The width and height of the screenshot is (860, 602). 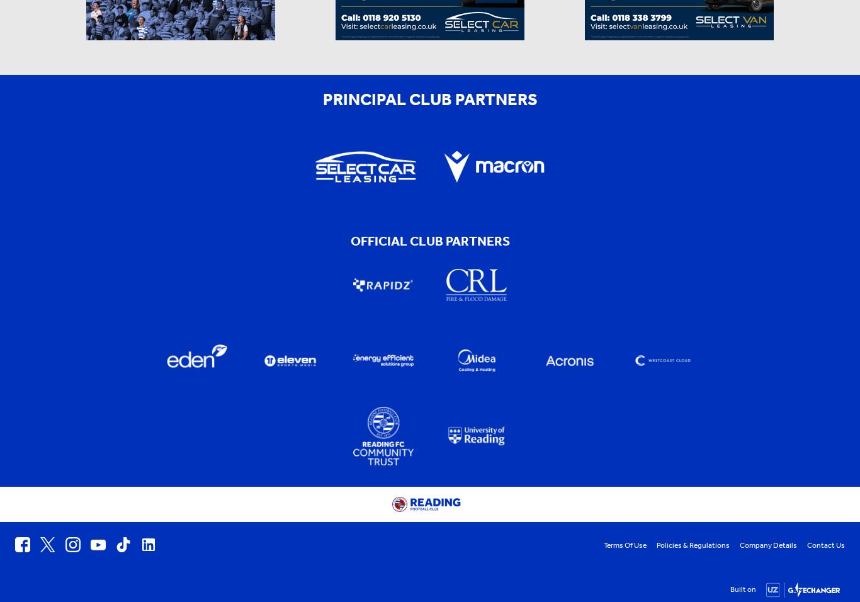 What do you see at coordinates (625, 545) in the screenshot?
I see `'Terms Of Use'` at bounding box center [625, 545].